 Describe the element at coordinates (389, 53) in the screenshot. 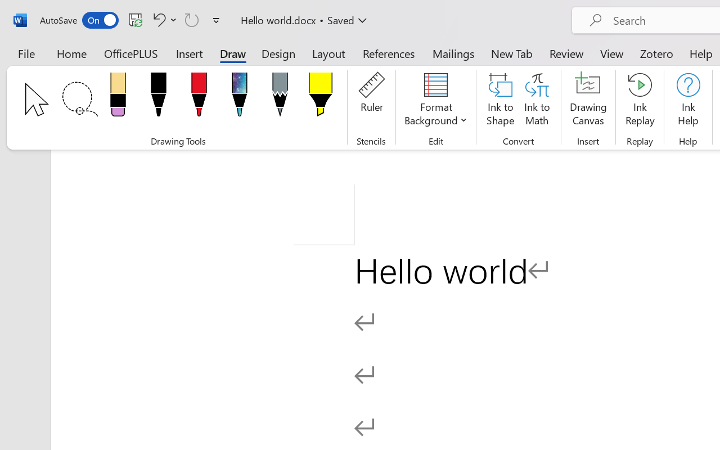

I see `'References'` at that location.